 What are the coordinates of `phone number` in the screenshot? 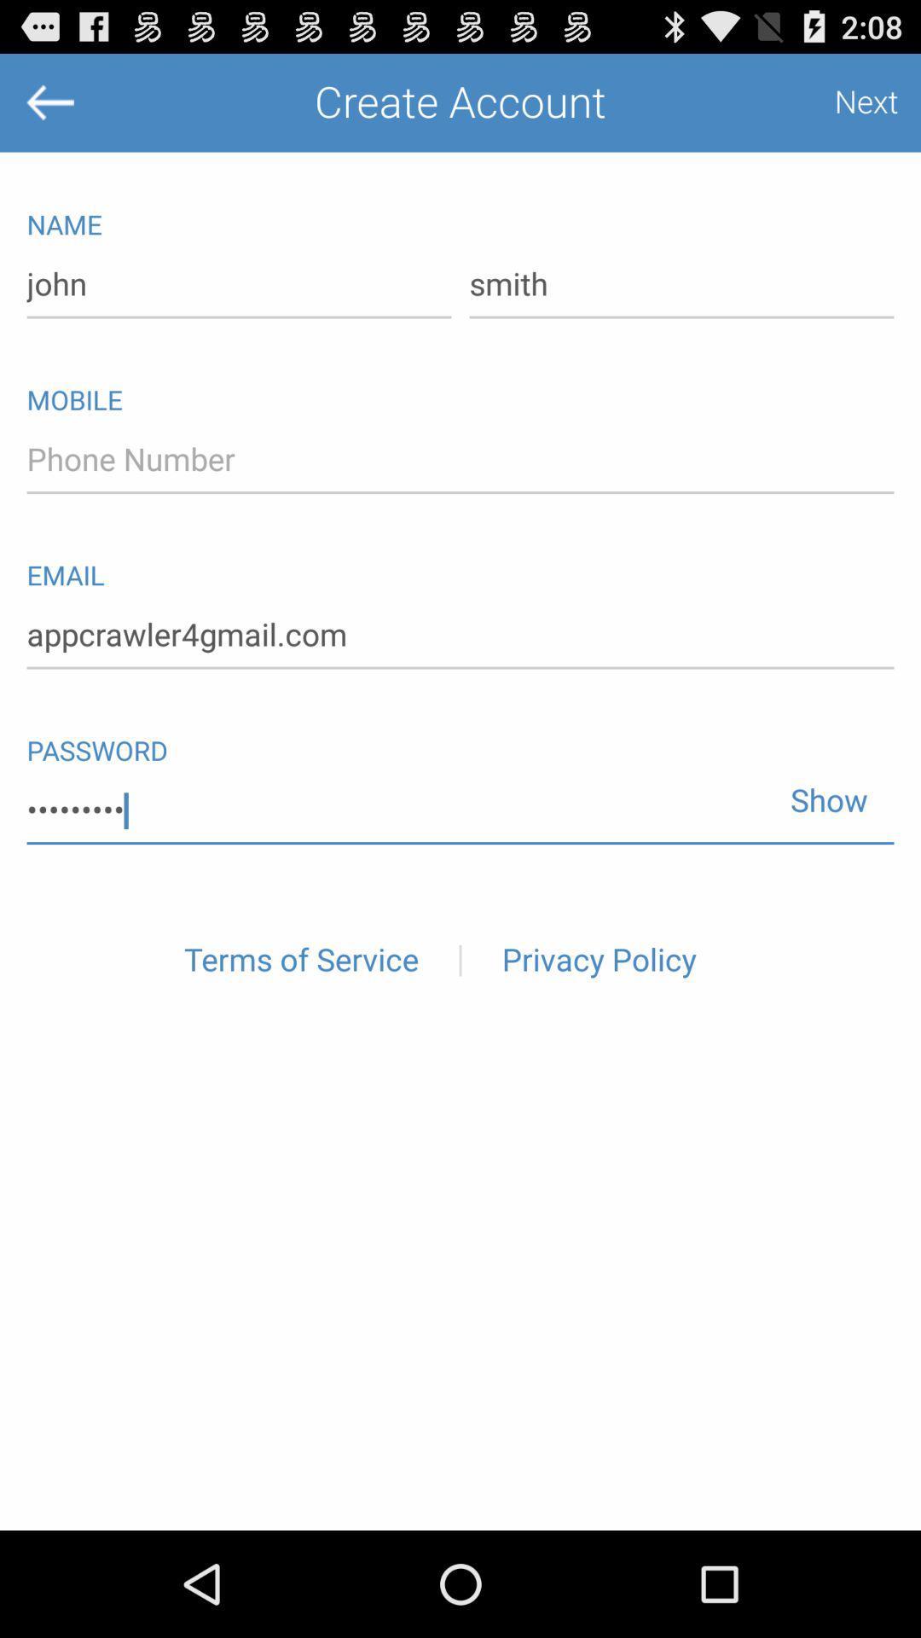 It's located at (460, 460).